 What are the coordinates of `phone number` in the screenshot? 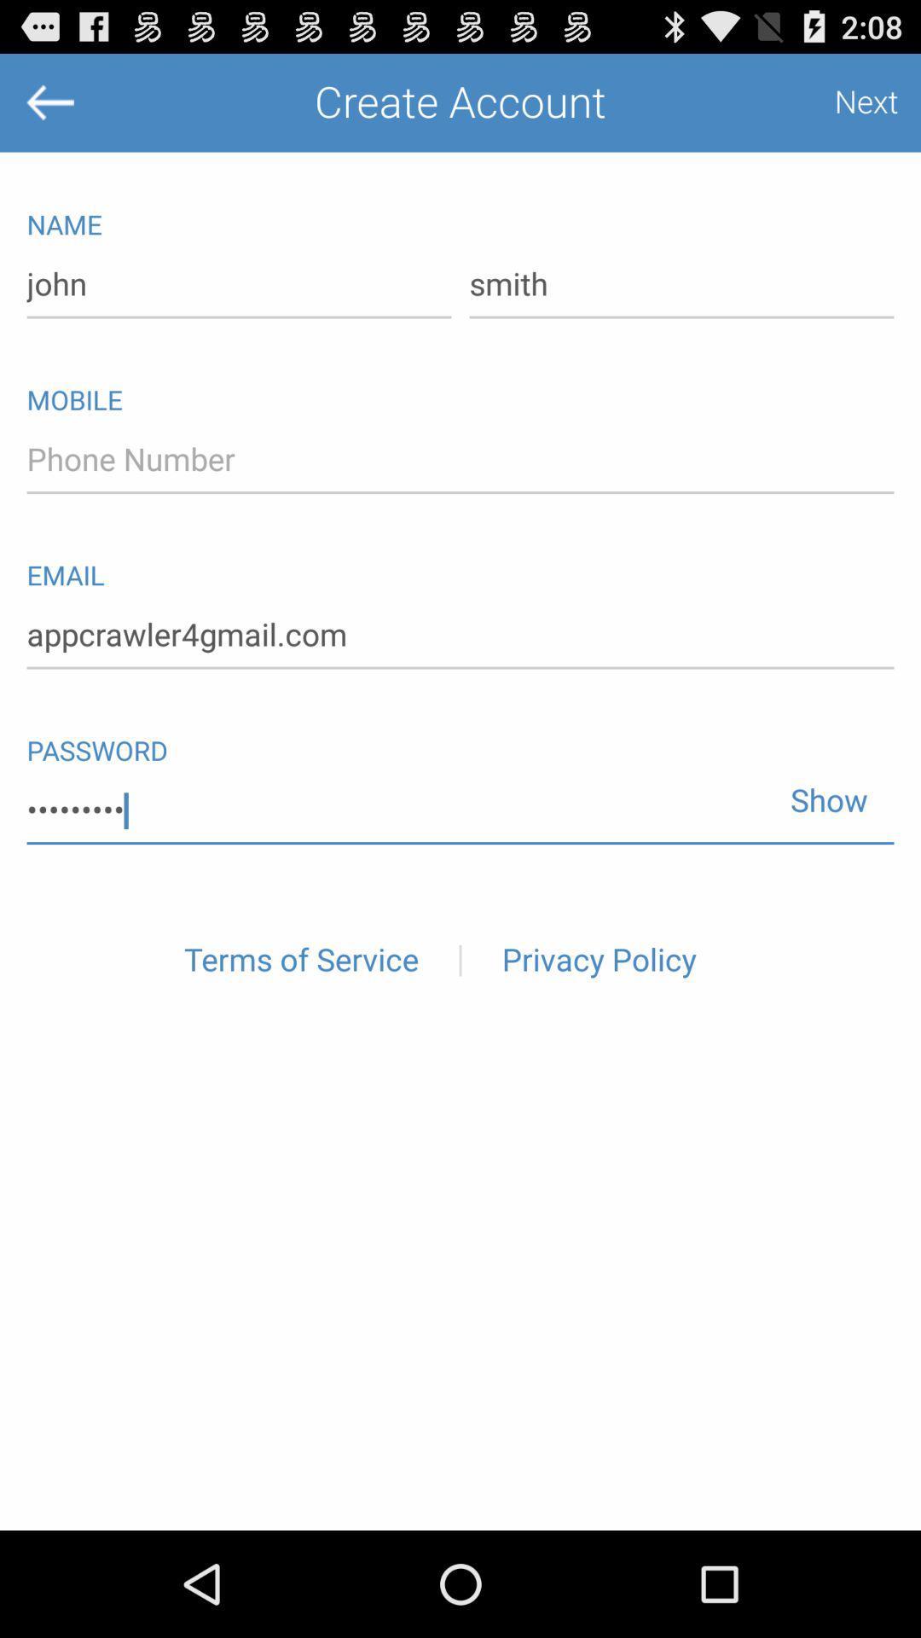 It's located at (460, 460).